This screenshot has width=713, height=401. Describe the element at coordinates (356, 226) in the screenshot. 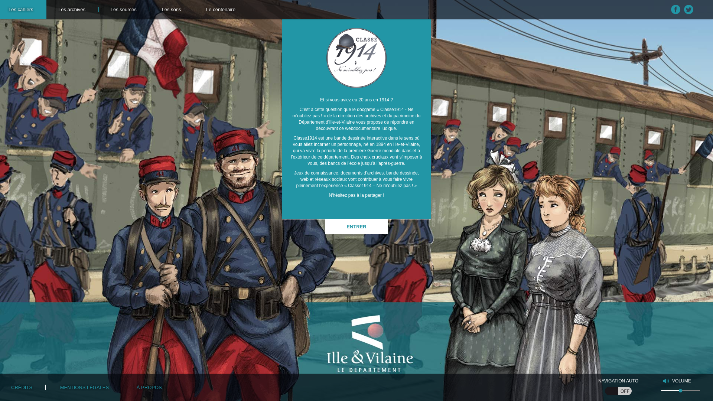

I see `'ENTRER'` at that location.